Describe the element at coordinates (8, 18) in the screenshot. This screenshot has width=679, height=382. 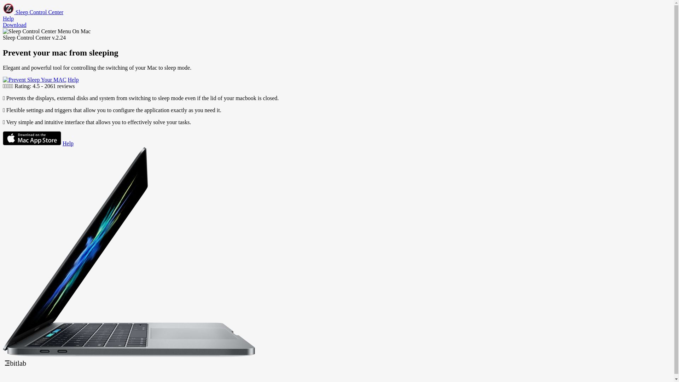
I see `'Help'` at that location.